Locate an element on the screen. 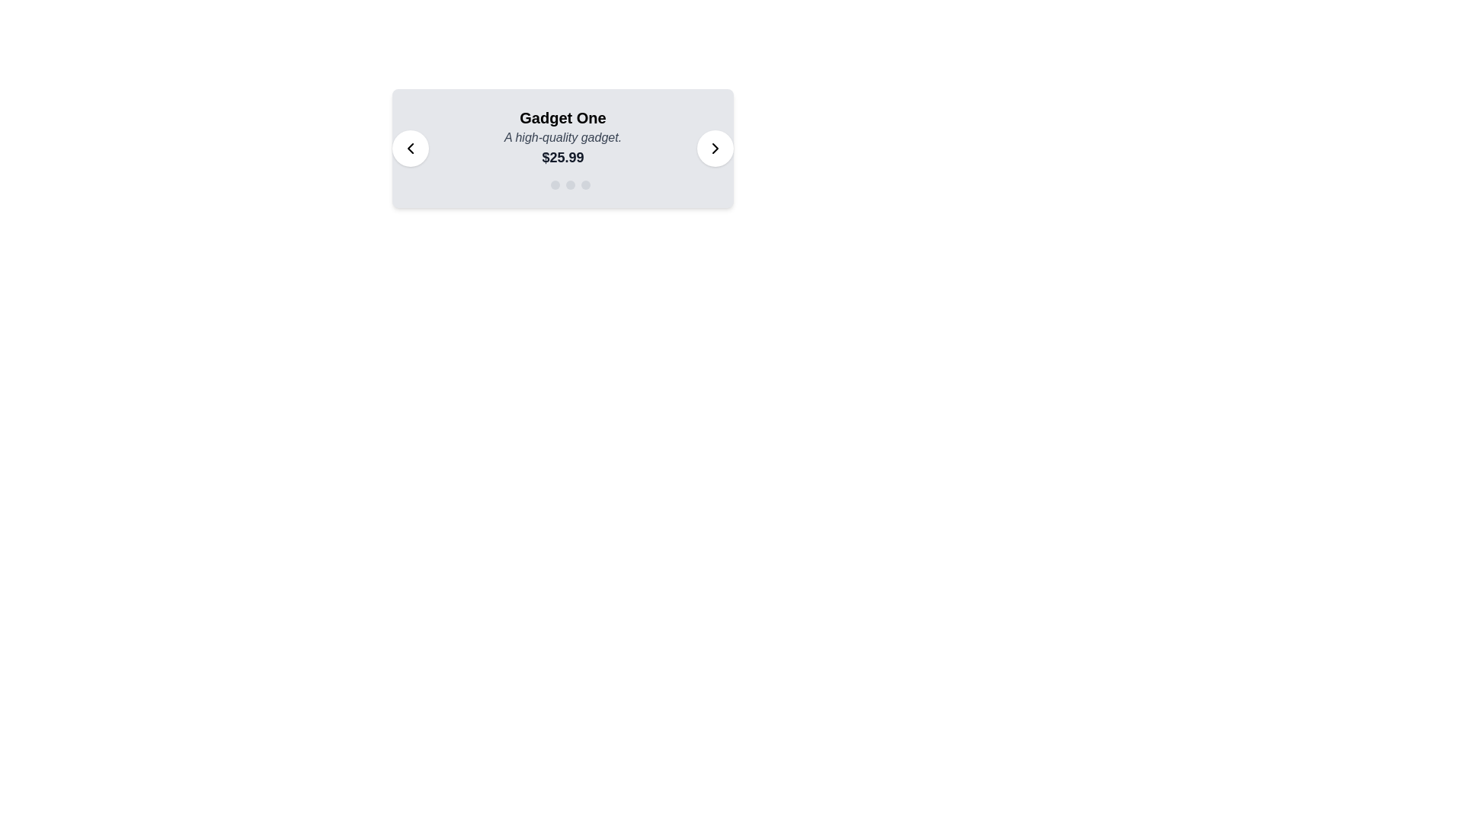  the left navigation Icon button to move to the previous item in the carousel is located at coordinates (410, 149).